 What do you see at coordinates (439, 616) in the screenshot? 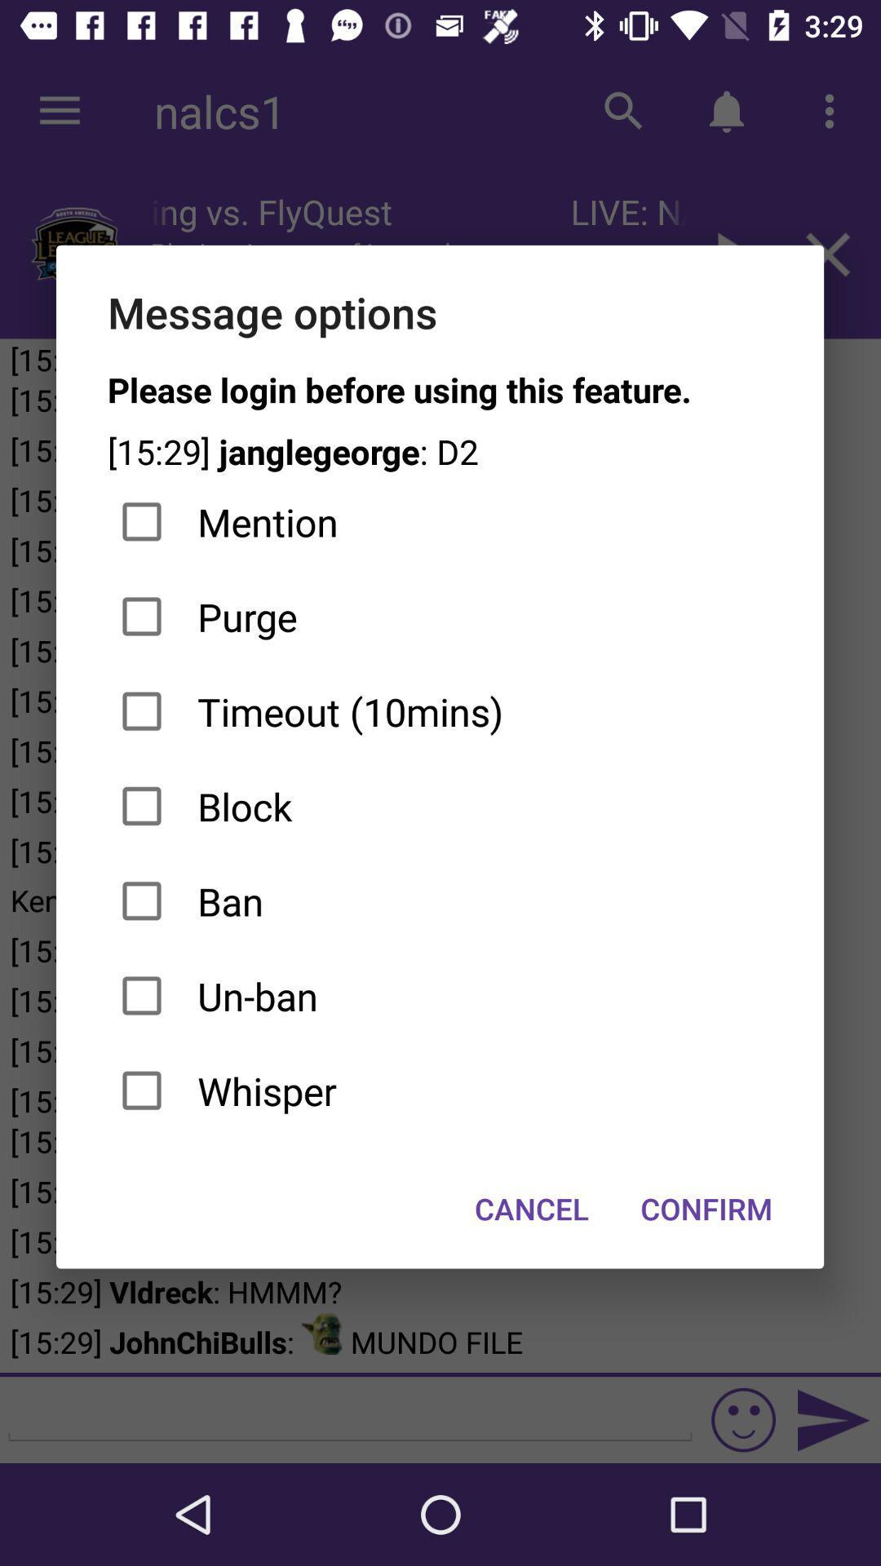
I see `purge` at bounding box center [439, 616].